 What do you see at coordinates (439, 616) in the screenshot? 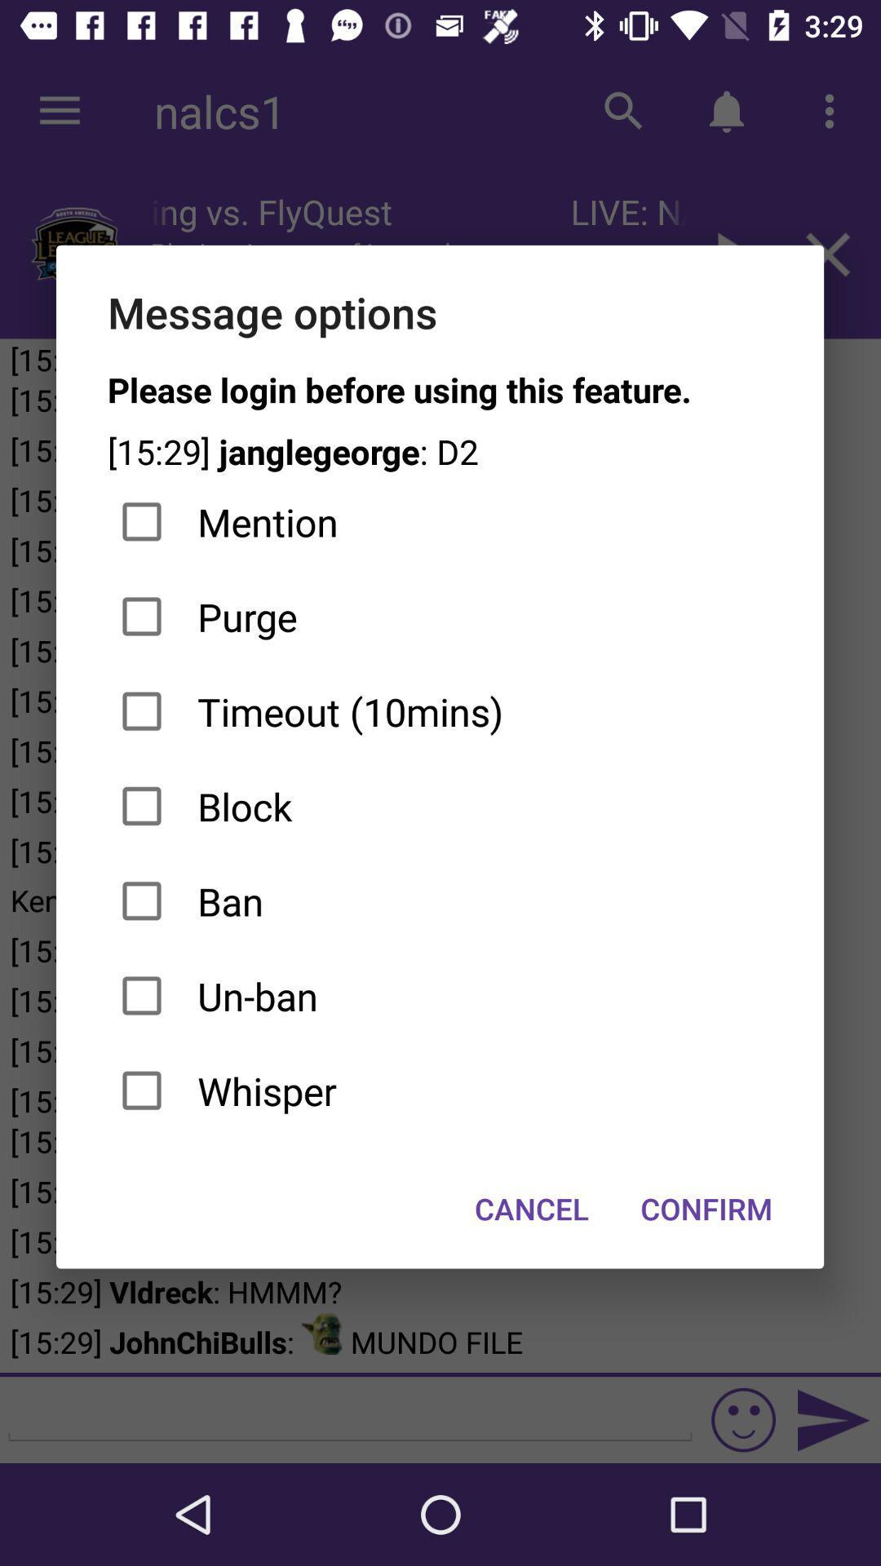
I see `purge` at bounding box center [439, 616].